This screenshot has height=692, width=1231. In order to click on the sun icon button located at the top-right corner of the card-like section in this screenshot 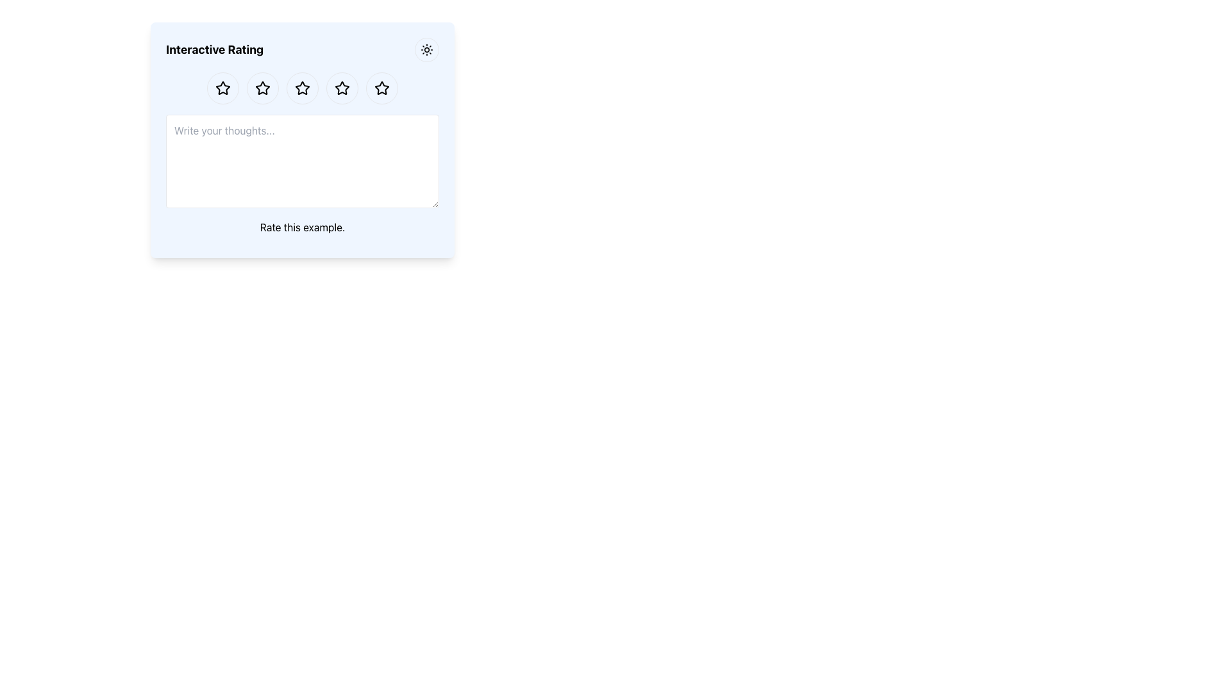, I will do `click(427, 49)`.